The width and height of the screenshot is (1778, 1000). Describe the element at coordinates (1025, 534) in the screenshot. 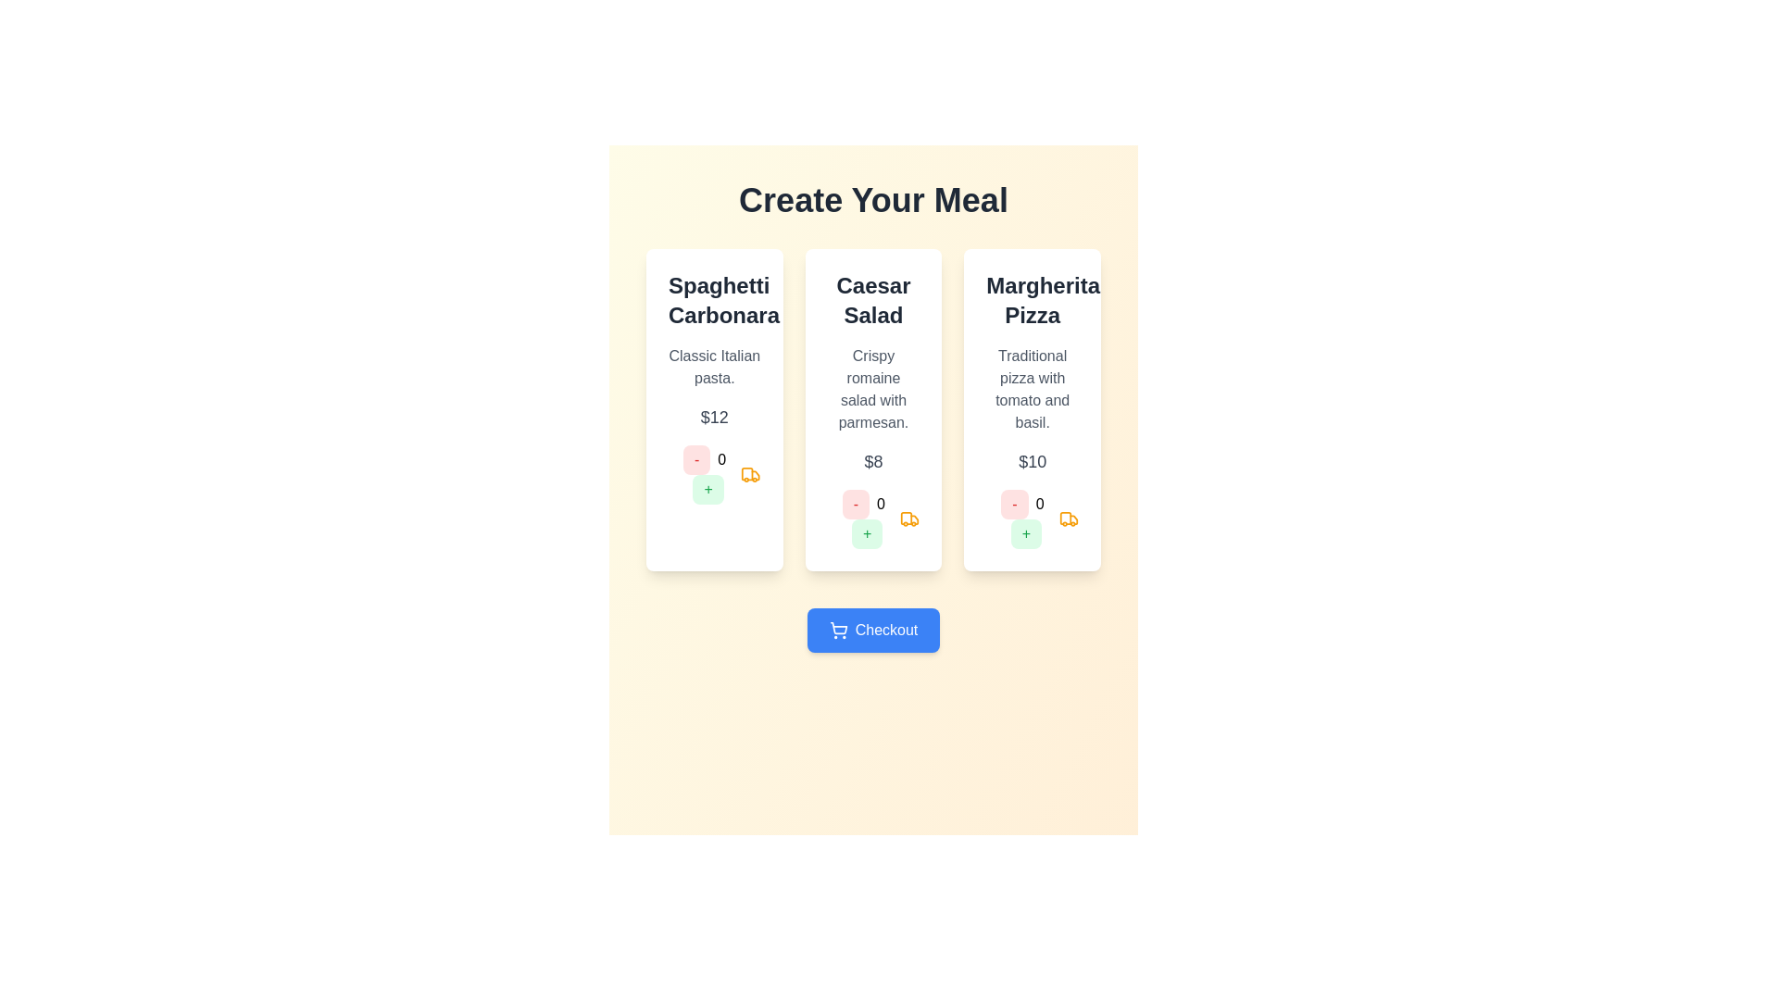

I see `the green '+' button located in the control set for 'Margherita Pizza'` at that location.